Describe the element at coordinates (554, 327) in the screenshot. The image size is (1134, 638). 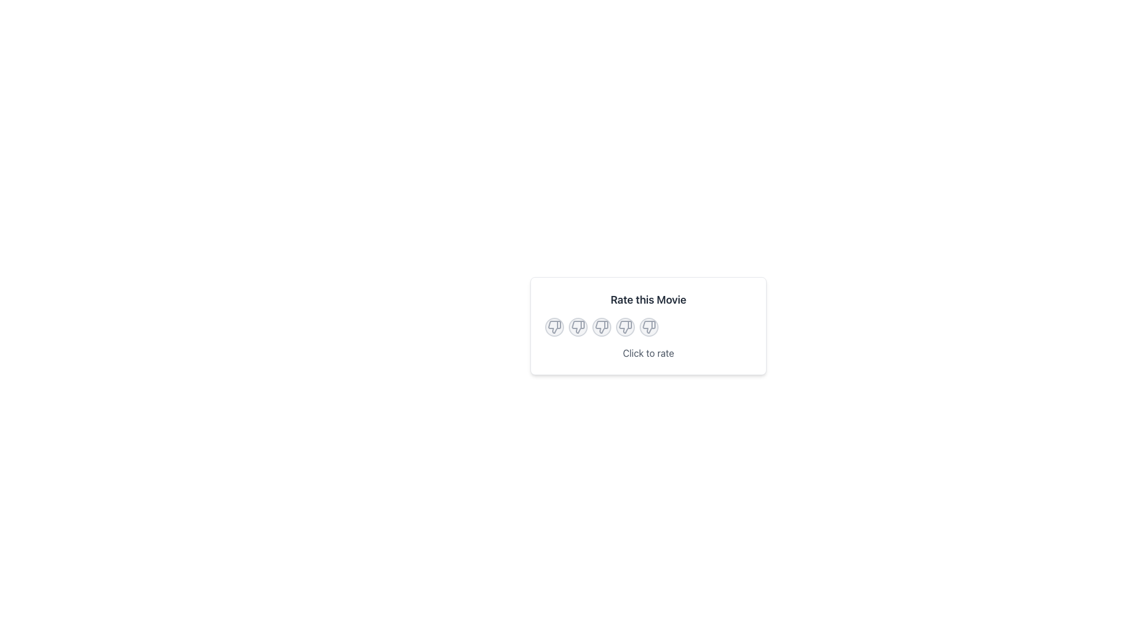
I see `the circular button with a gray border and a 'thumbs-down' icon, located below the text 'Rate this Movie'` at that location.